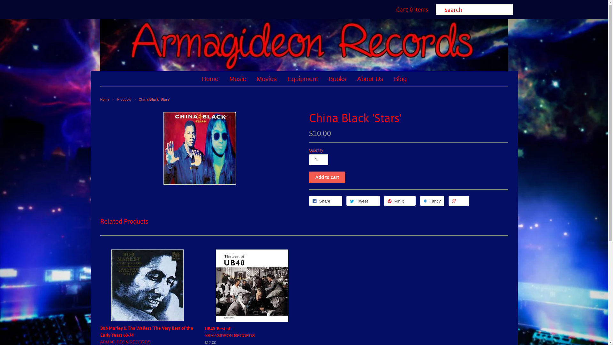  I want to click on 'Pin it', so click(399, 200).